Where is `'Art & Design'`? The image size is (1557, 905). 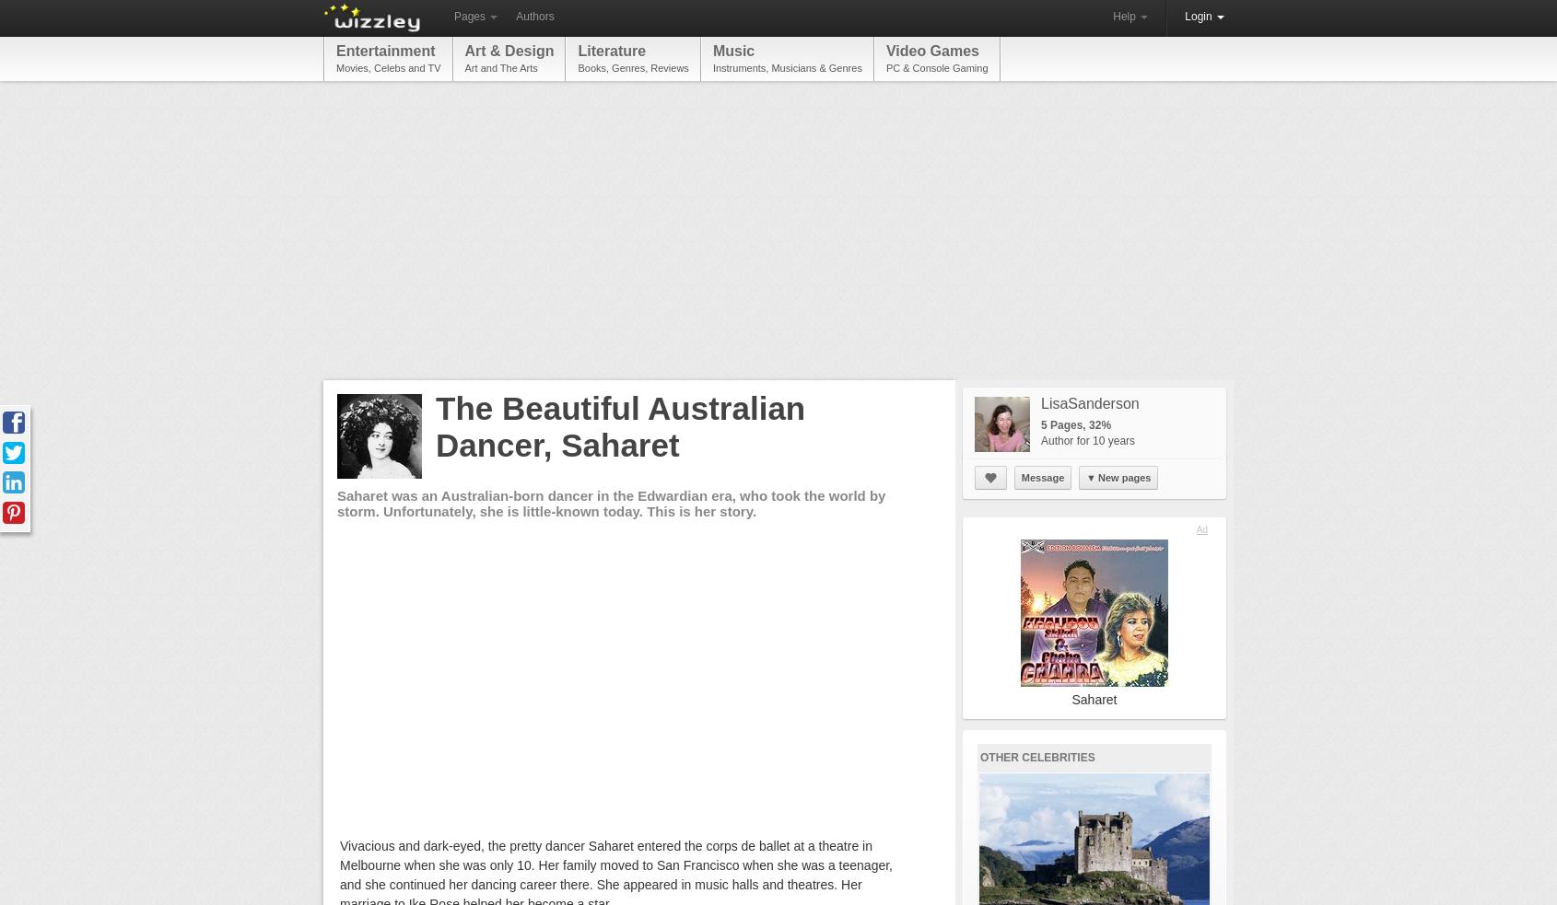 'Art & Design' is located at coordinates (508, 50).